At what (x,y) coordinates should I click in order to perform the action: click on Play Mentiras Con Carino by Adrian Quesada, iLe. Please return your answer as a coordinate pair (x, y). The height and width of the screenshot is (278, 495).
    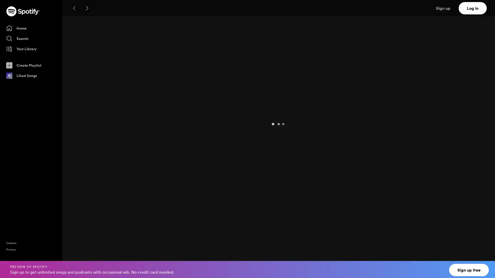
    Looking at the image, I should click on (77, 207).